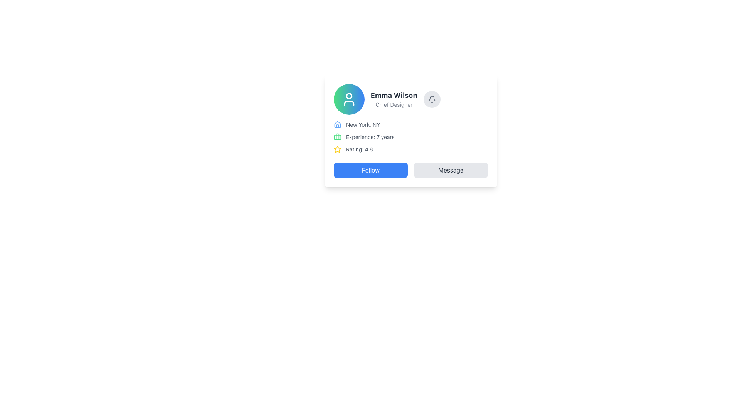 Image resolution: width=740 pixels, height=416 pixels. I want to click on the text label 'Emma Wilson' which is a bold, larger text positioned above the smaller text 'Chief Designer' in the top-left section of the card-like interface, so click(394, 95).